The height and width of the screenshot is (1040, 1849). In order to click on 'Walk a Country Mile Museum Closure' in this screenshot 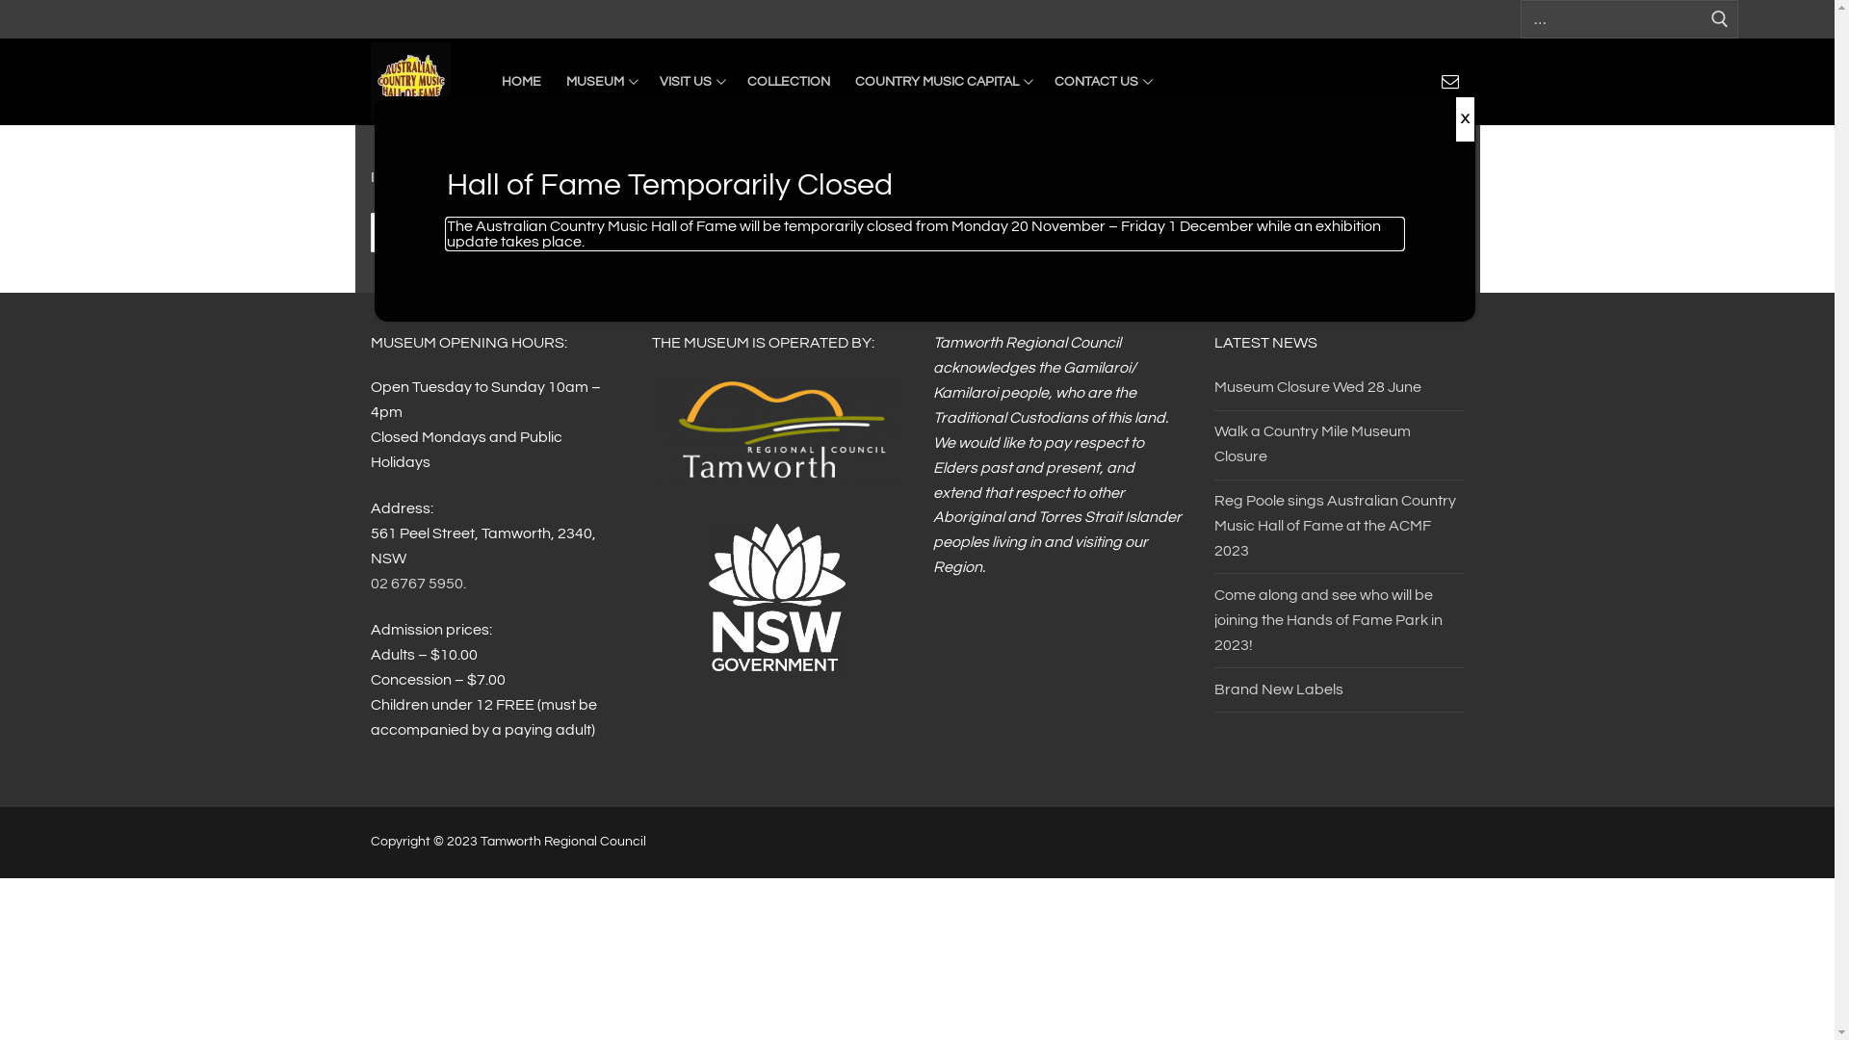, I will do `click(1211, 449)`.